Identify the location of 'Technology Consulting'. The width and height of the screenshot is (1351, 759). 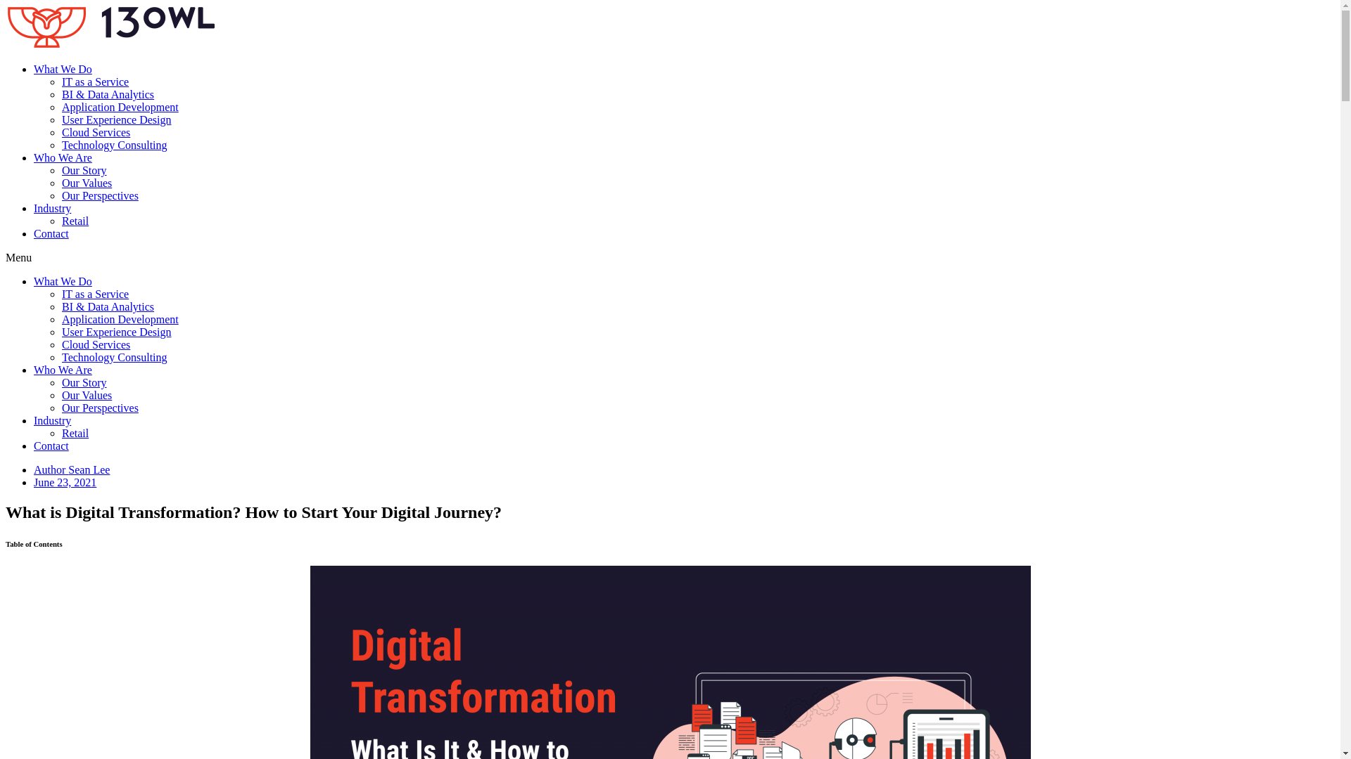
(115, 356).